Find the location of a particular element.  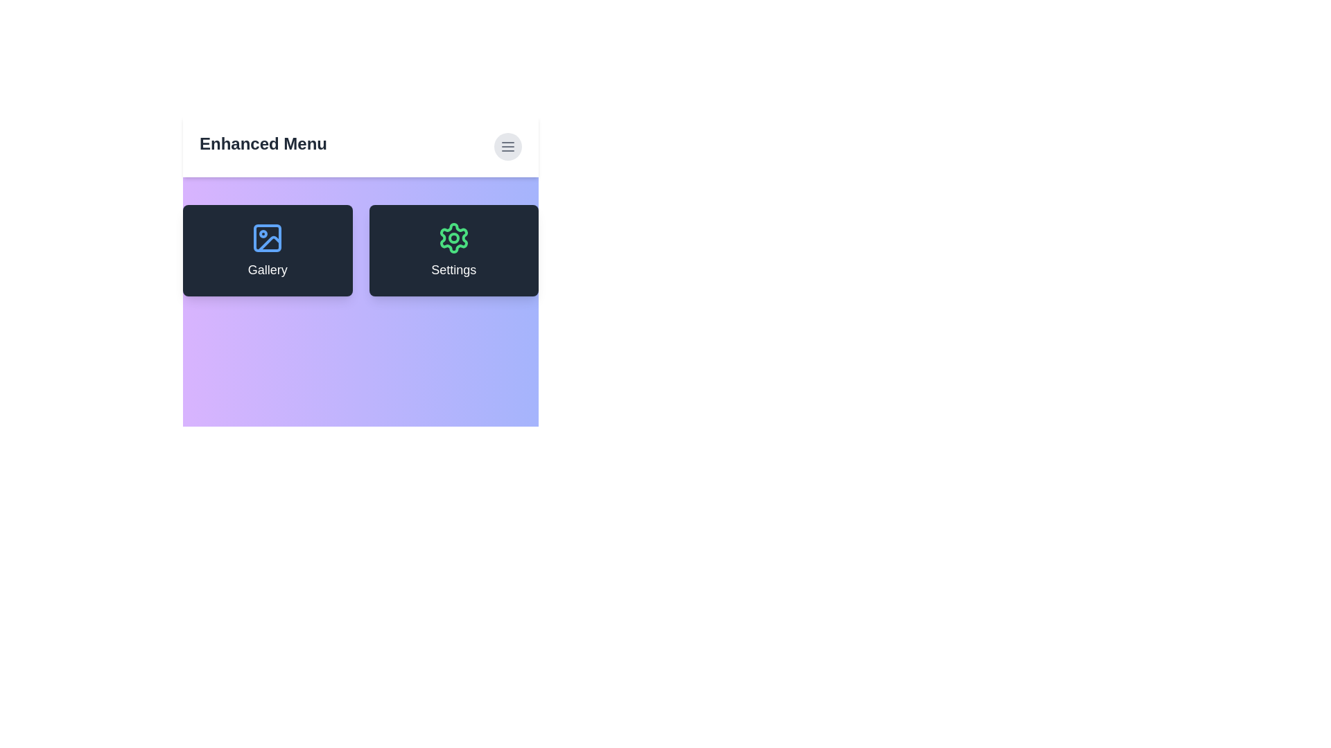

the menu button to toggle the menu visibility is located at coordinates (507, 147).